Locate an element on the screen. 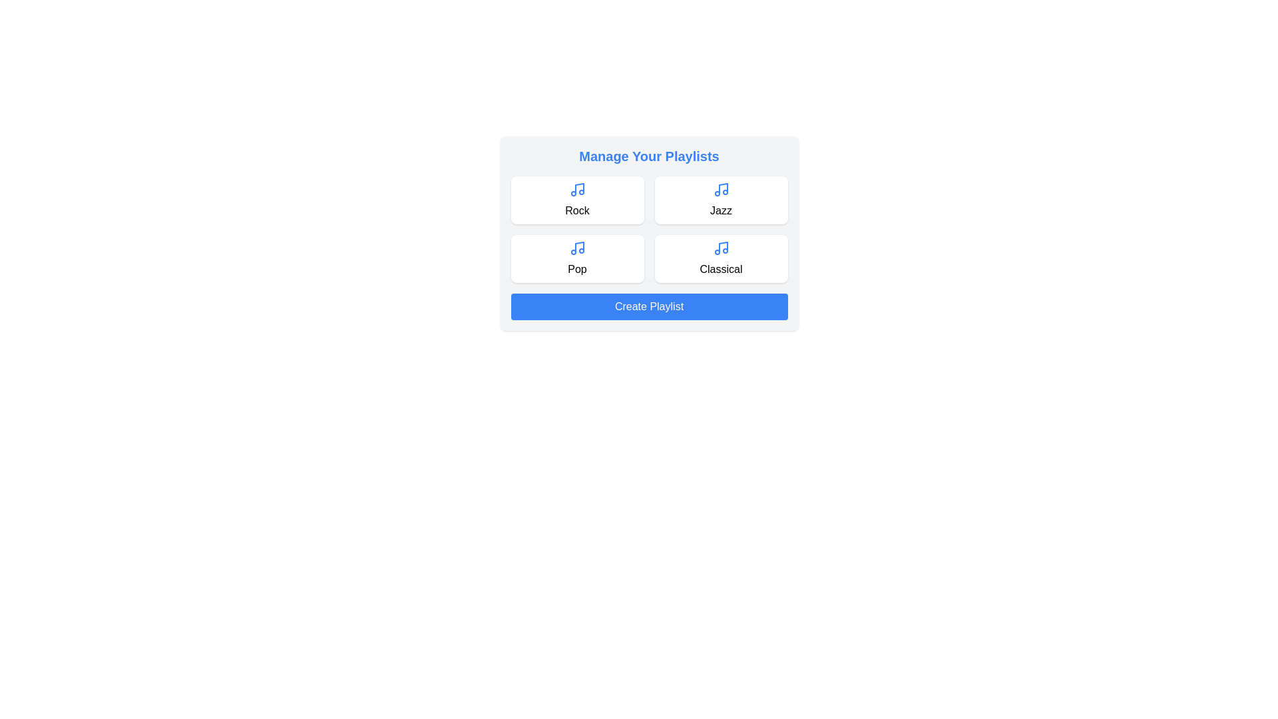 The height and width of the screenshot is (719, 1278). the 'Create Playlist' button is located at coordinates (649, 307).